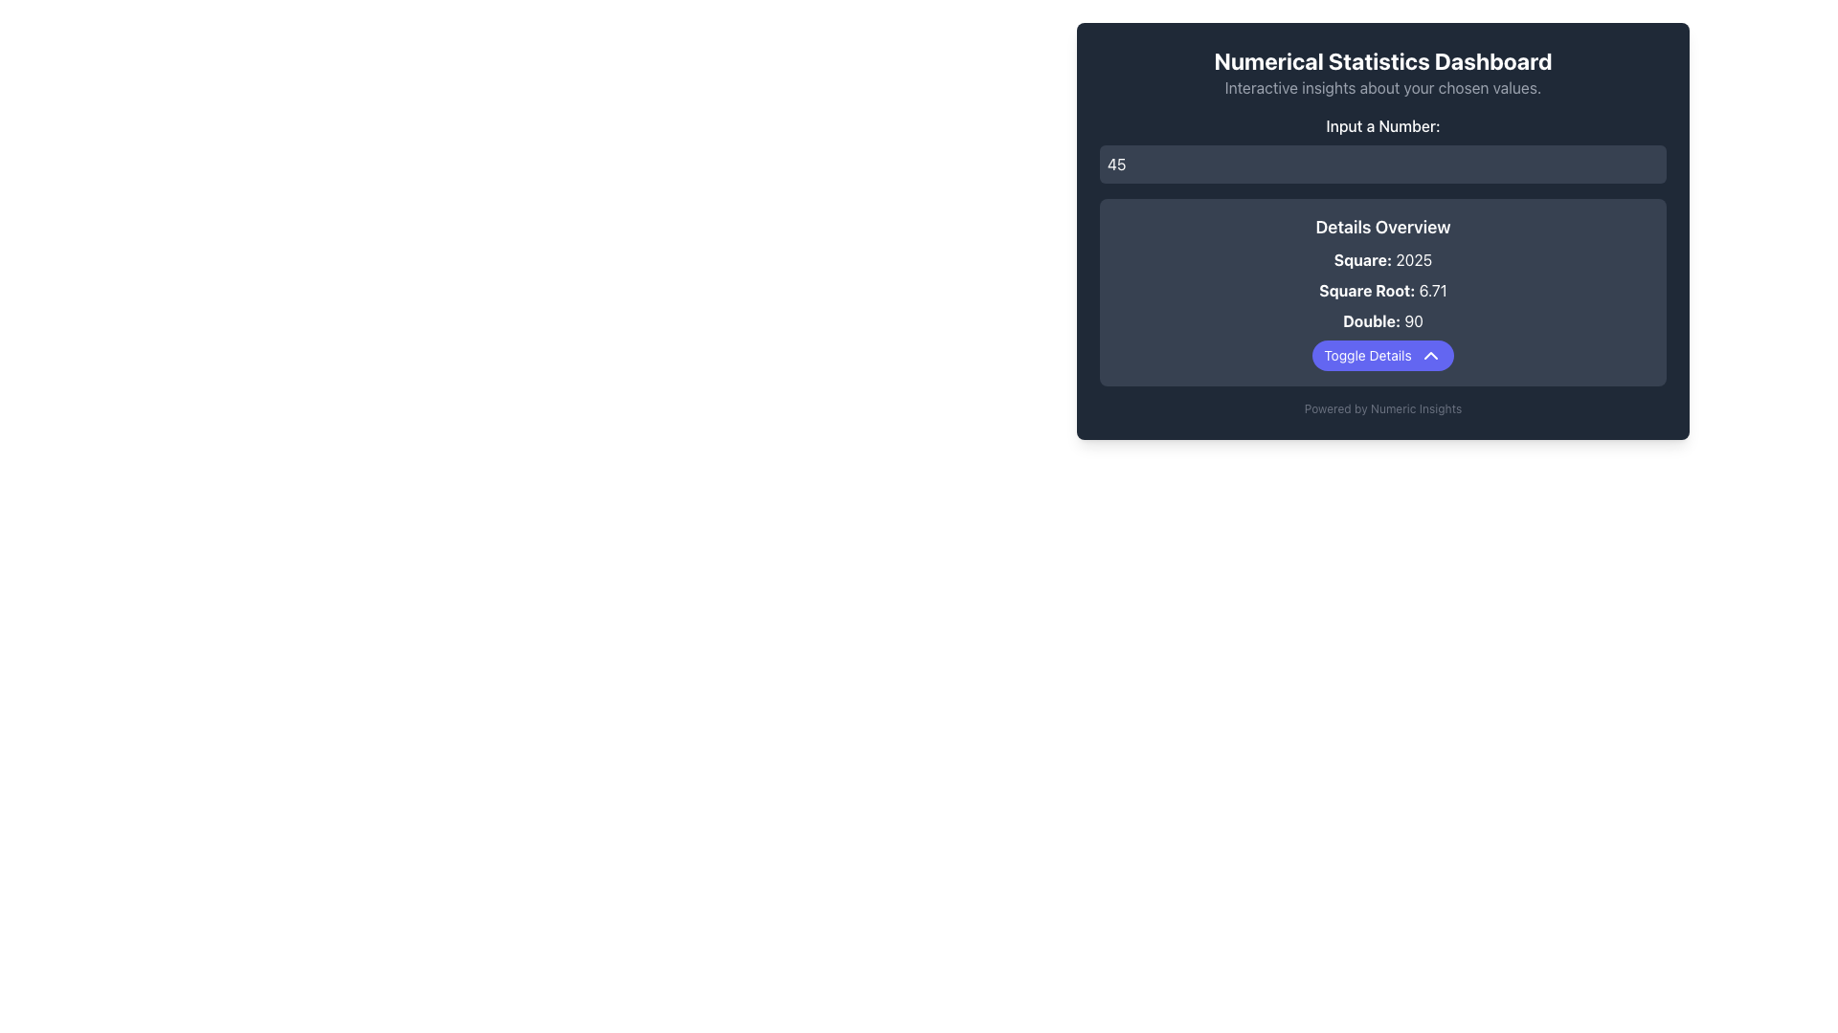  What do you see at coordinates (1382, 60) in the screenshot?
I see `the text label that reads 'Numerical Statistics Dashboard', which is styled in bold and large font, located at the top-center of the dashboard interface` at bounding box center [1382, 60].